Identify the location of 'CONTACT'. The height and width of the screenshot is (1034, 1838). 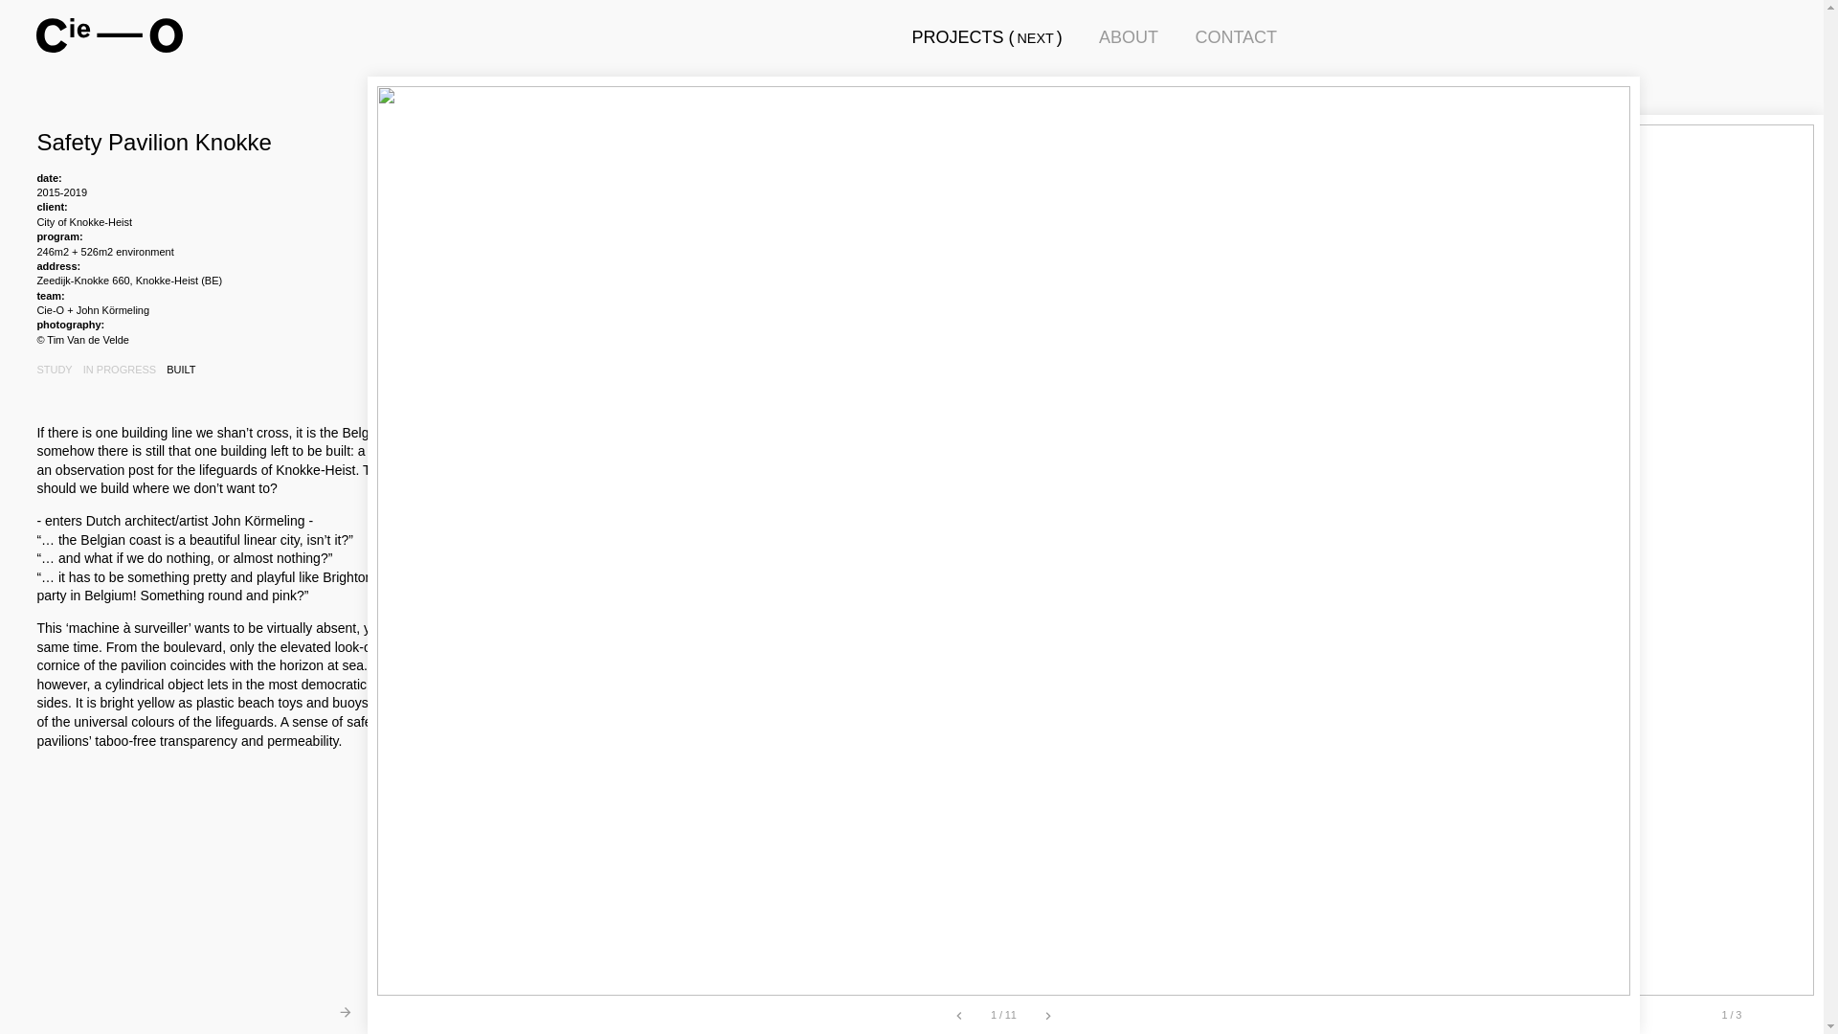
(1236, 36).